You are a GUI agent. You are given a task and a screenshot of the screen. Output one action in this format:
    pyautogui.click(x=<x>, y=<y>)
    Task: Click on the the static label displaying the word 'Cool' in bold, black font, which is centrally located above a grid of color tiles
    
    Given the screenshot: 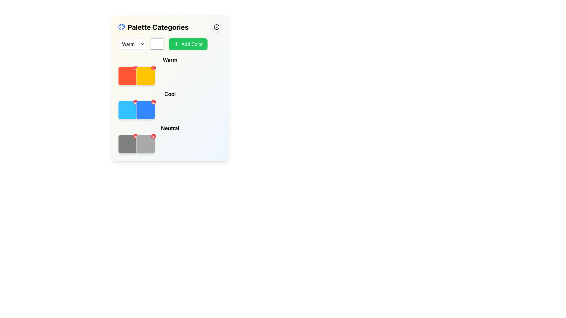 What is the action you would take?
    pyautogui.click(x=170, y=94)
    